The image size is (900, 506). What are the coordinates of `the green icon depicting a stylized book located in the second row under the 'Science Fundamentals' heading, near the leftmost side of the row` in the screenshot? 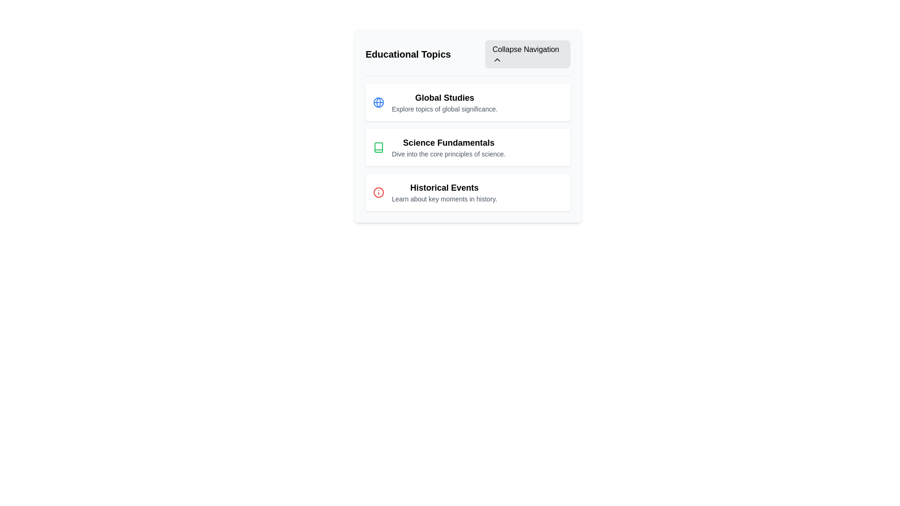 It's located at (378, 148).